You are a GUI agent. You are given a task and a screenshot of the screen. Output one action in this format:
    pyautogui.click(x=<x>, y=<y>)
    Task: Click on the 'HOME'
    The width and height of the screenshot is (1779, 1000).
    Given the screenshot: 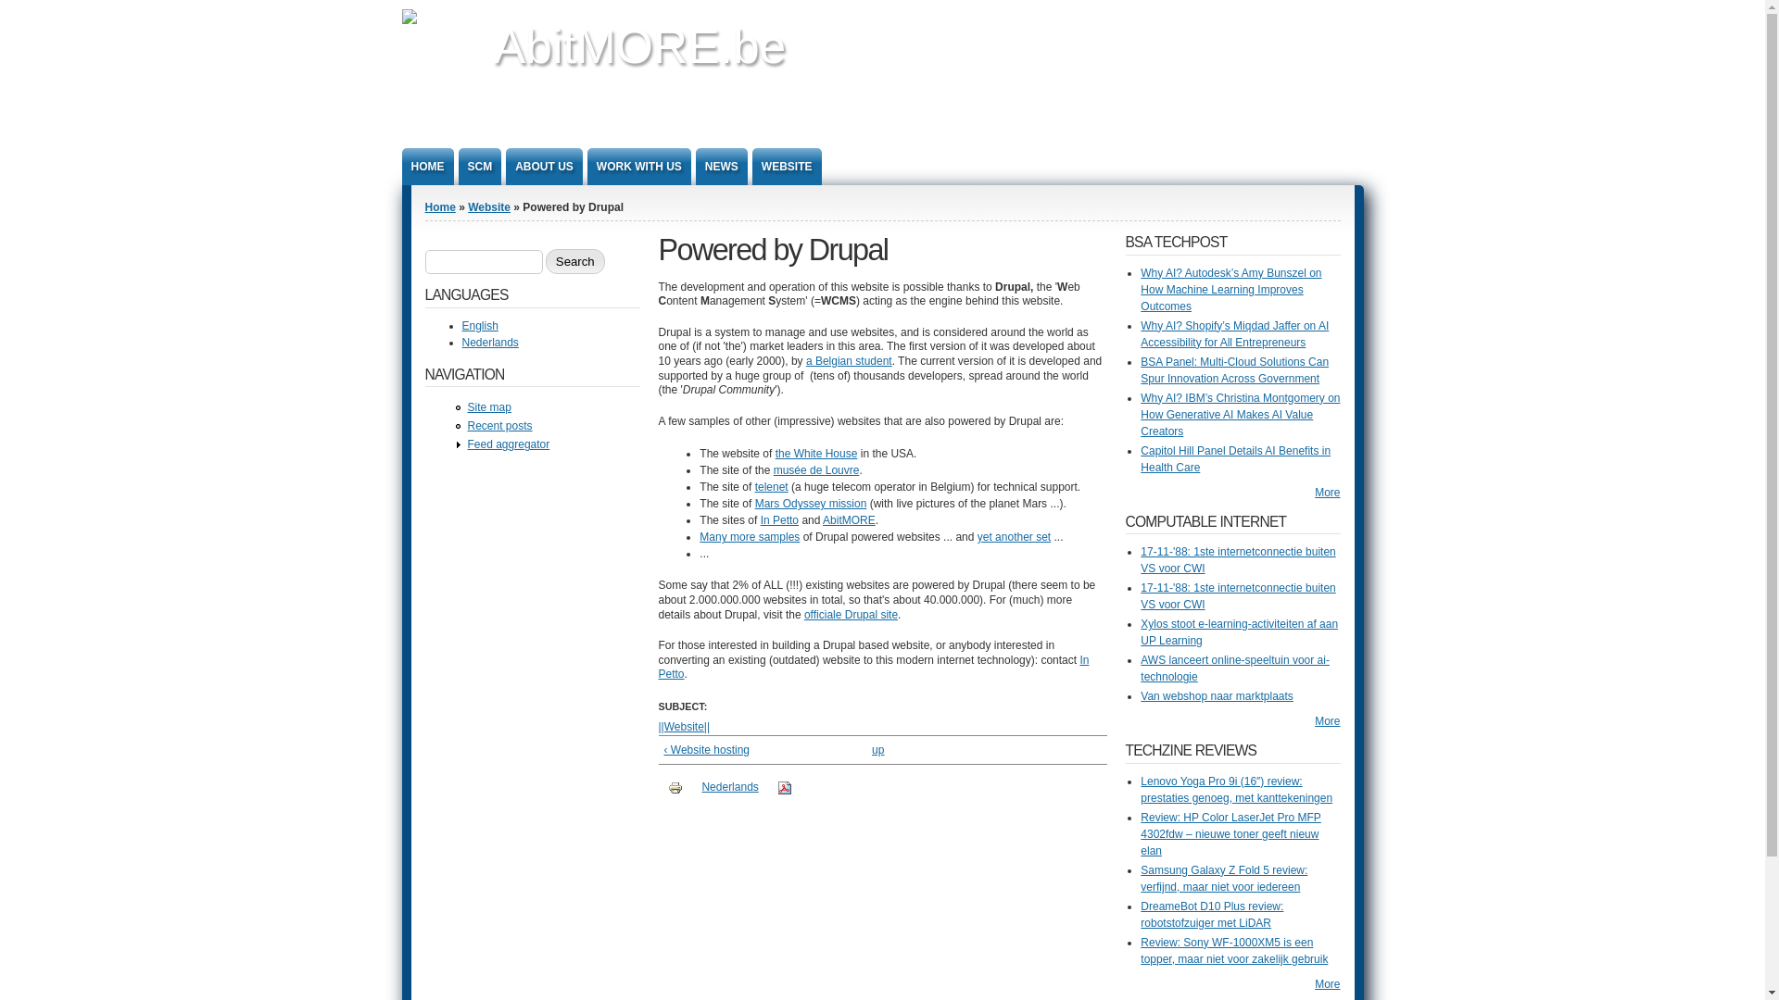 What is the action you would take?
    pyautogui.click(x=426, y=167)
    